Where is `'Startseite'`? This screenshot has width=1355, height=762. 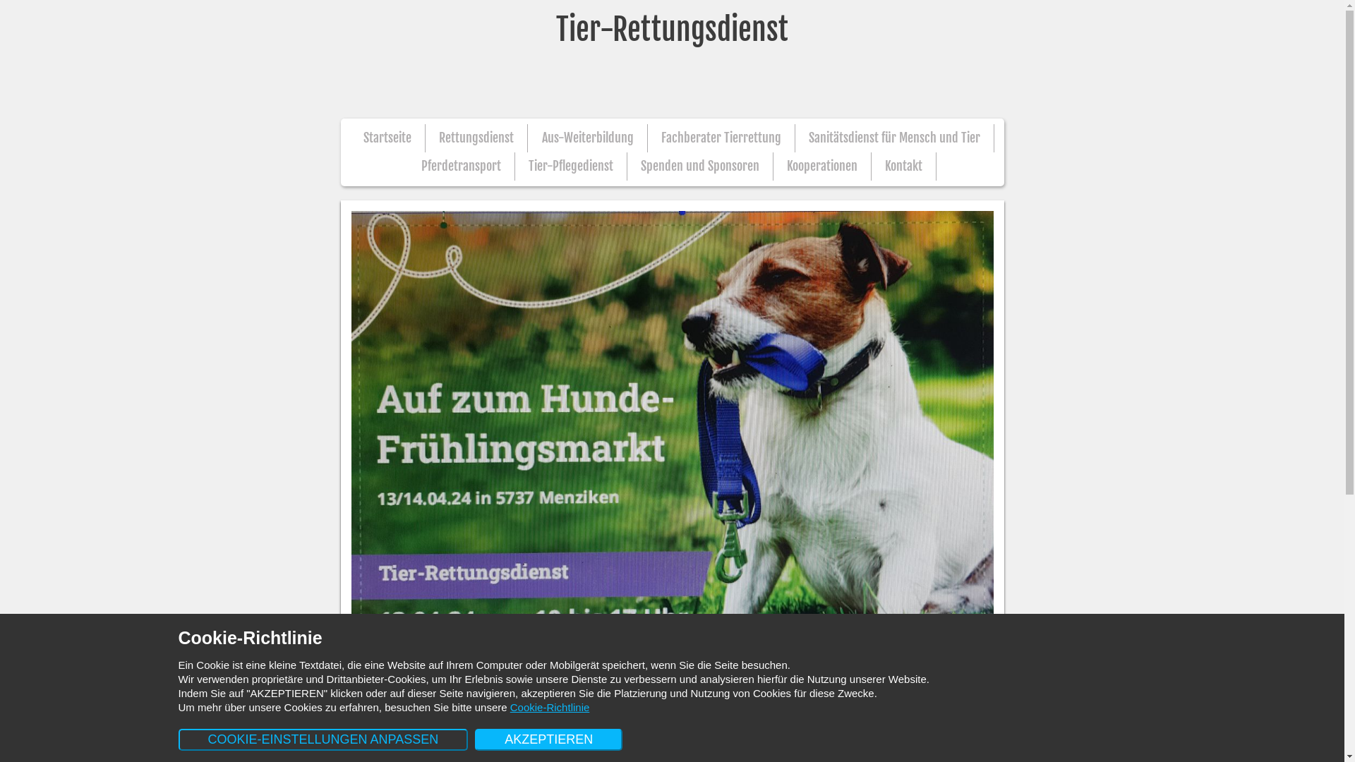 'Startseite' is located at coordinates (356, 138).